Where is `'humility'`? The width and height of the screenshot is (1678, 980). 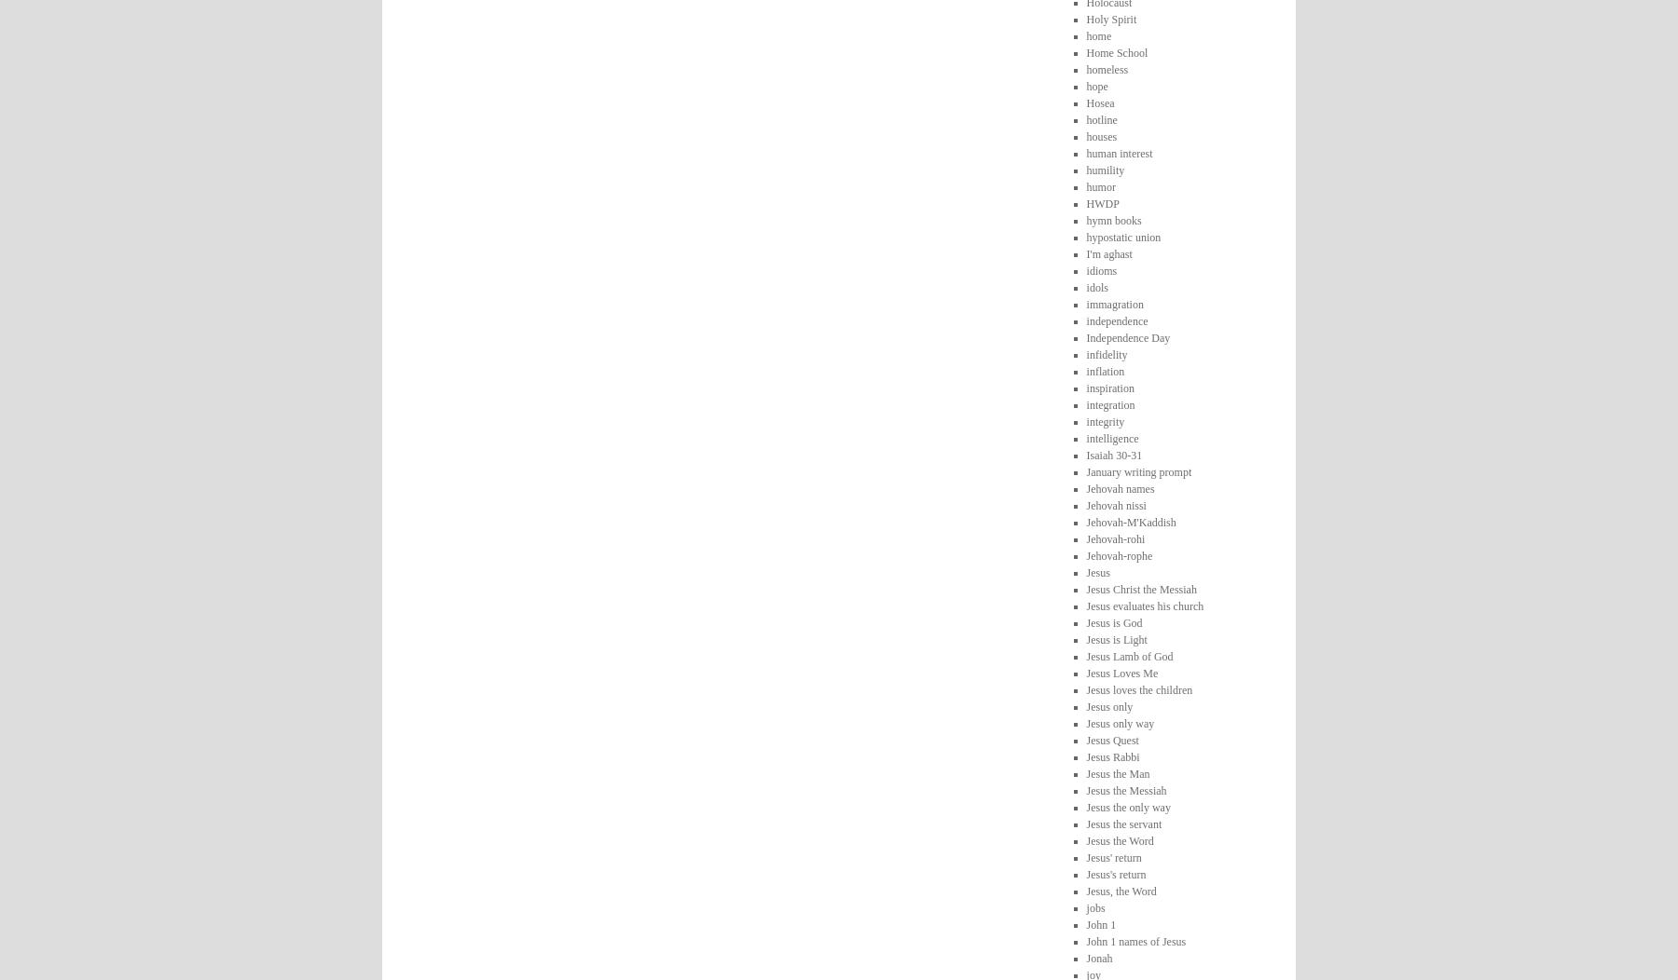
'humility' is located at coordinates (1104, 169).